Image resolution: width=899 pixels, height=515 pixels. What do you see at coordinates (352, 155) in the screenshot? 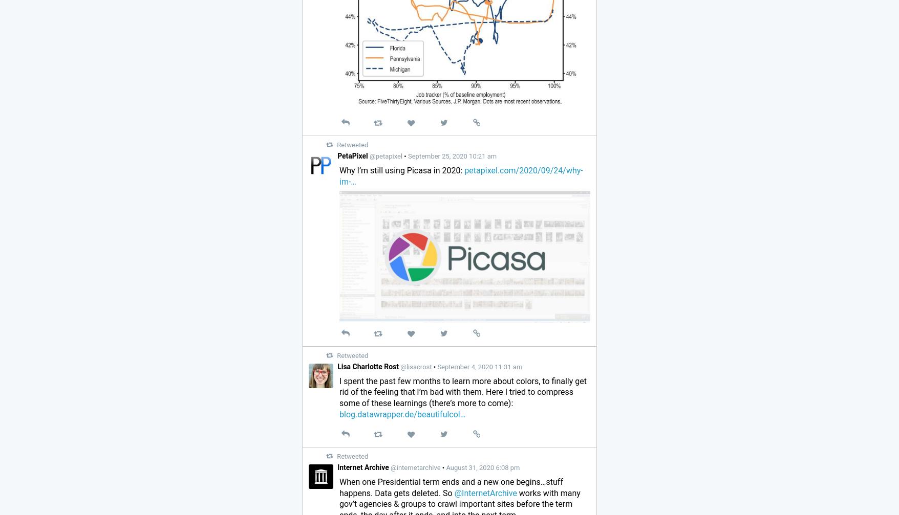
I see `'PetaPixel'` at bounding box center [352, 155].